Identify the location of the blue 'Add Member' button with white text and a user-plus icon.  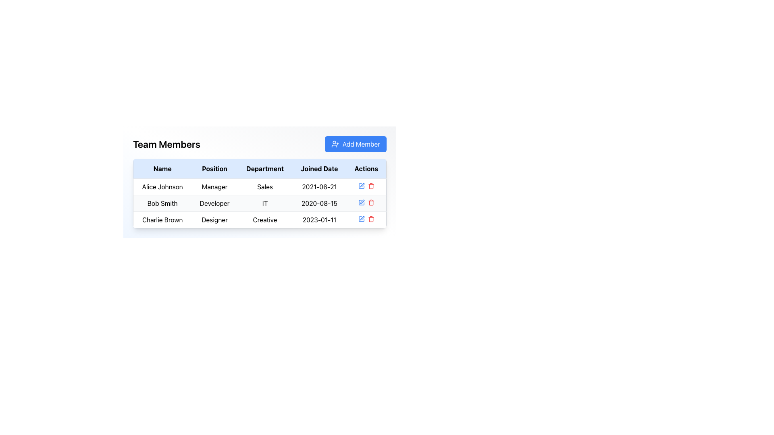
(355, 144).